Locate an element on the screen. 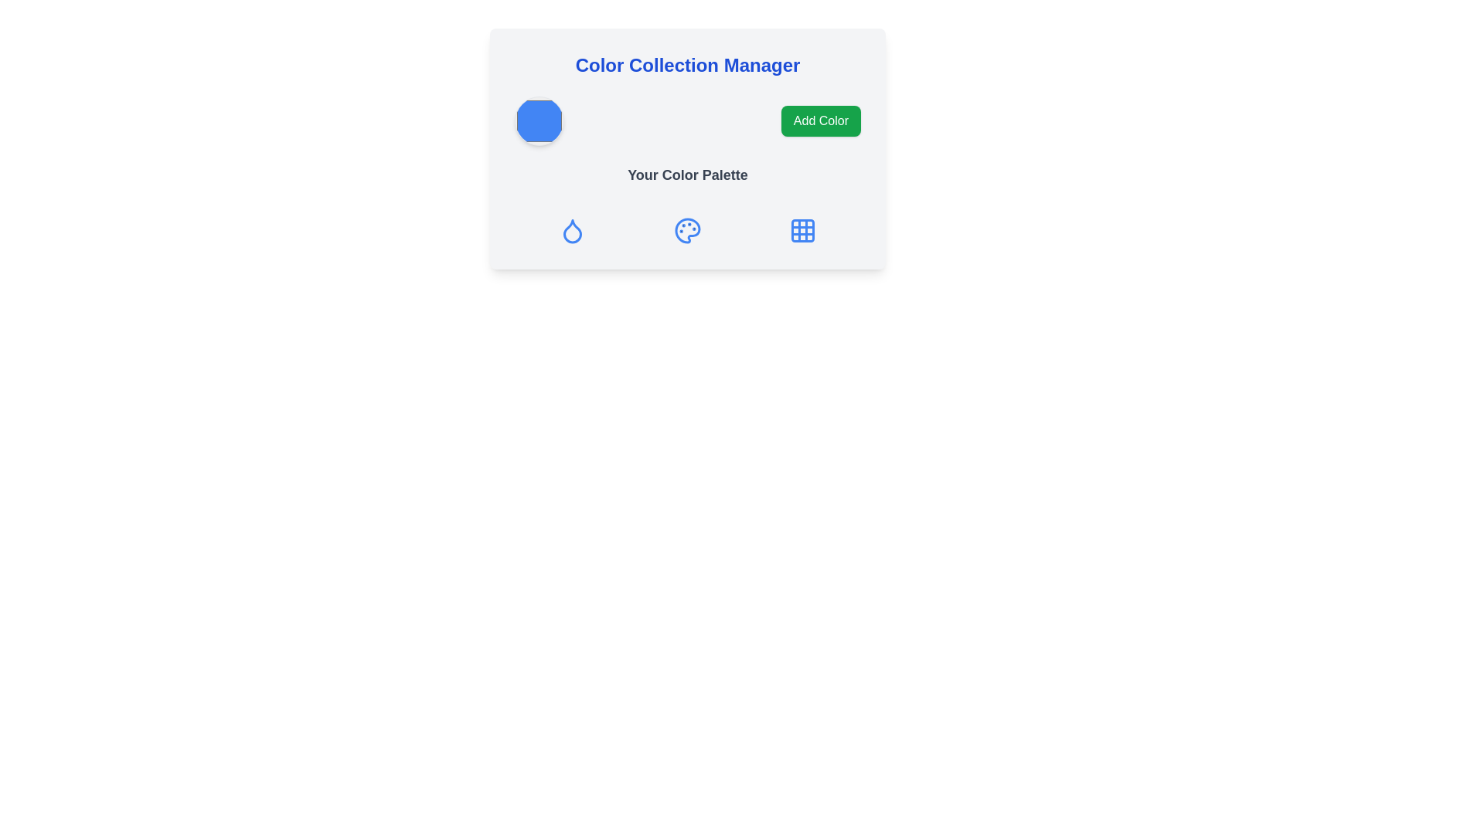  the leftmost icon in the 'Your Color Palette' section, which visually represents a water droplet or similar theme is located at coordinates (571, 231).